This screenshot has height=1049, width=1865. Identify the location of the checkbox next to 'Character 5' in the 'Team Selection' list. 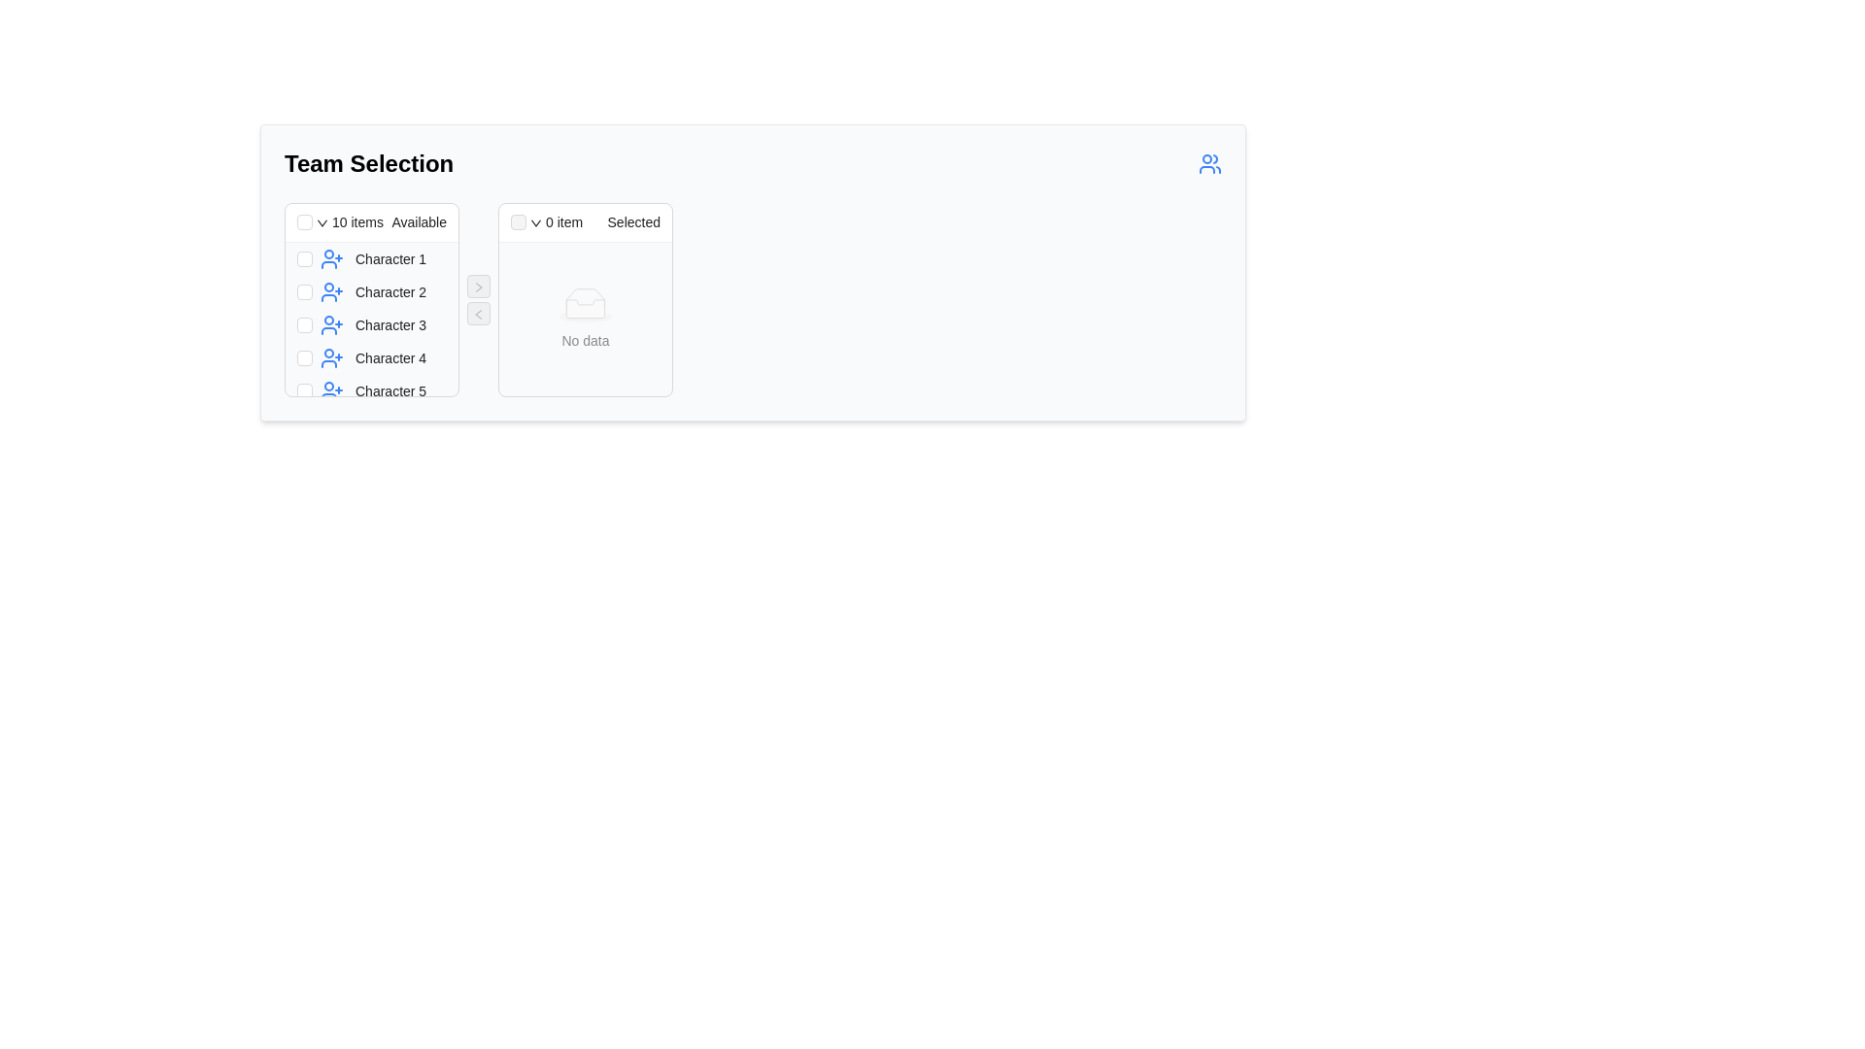
(303, 390).